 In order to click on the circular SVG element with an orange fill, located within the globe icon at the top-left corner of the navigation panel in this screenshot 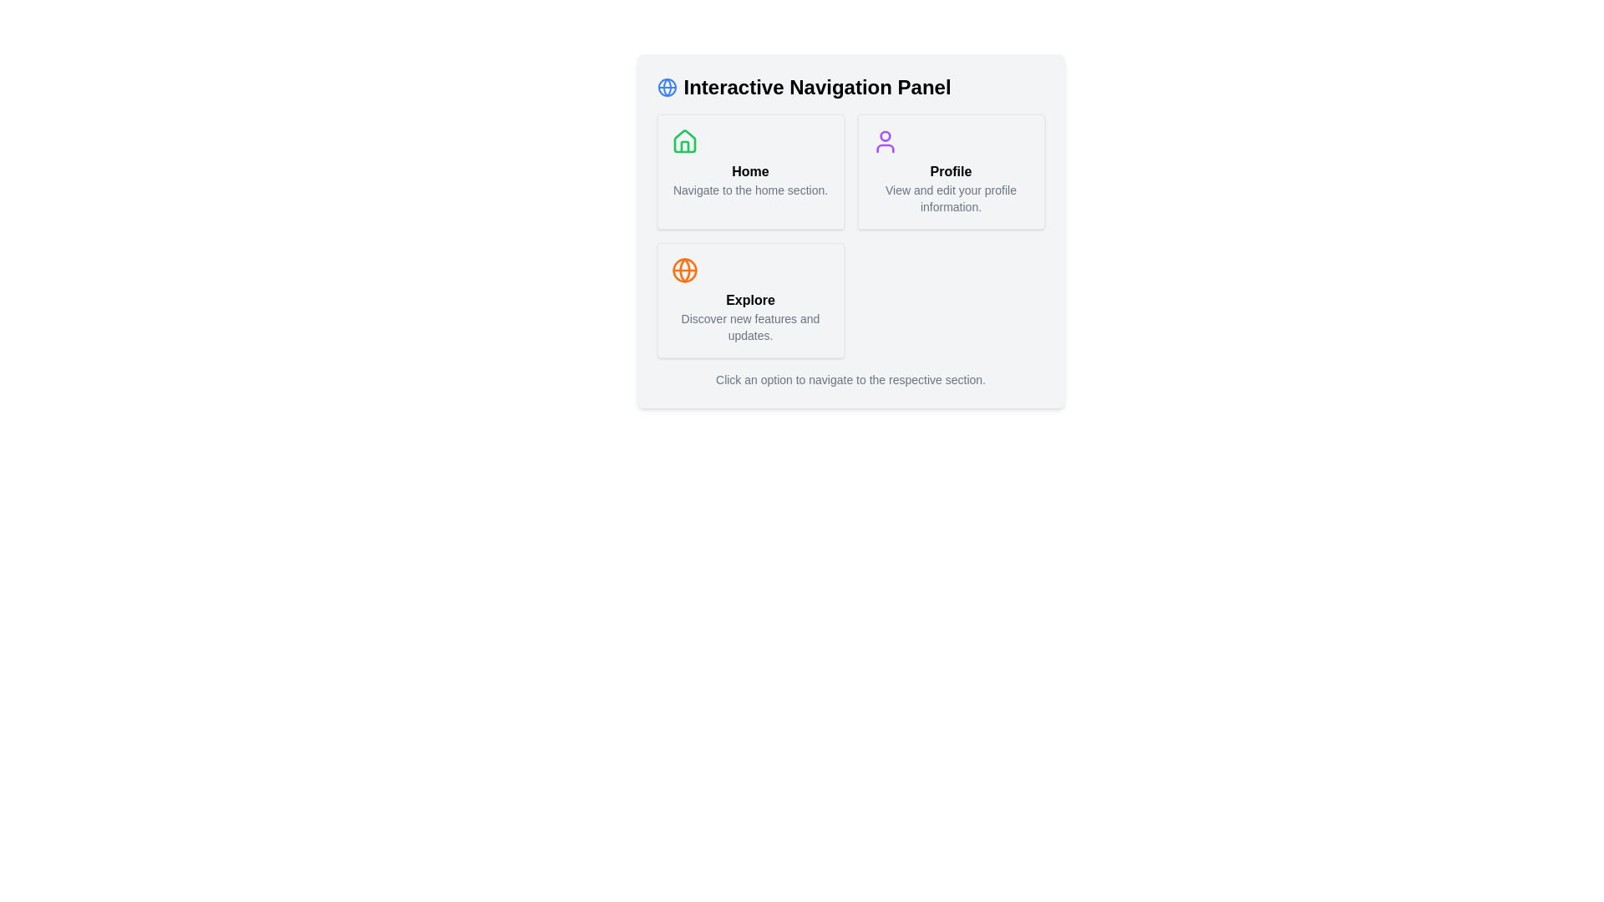, I will do `click(684, 270)`.